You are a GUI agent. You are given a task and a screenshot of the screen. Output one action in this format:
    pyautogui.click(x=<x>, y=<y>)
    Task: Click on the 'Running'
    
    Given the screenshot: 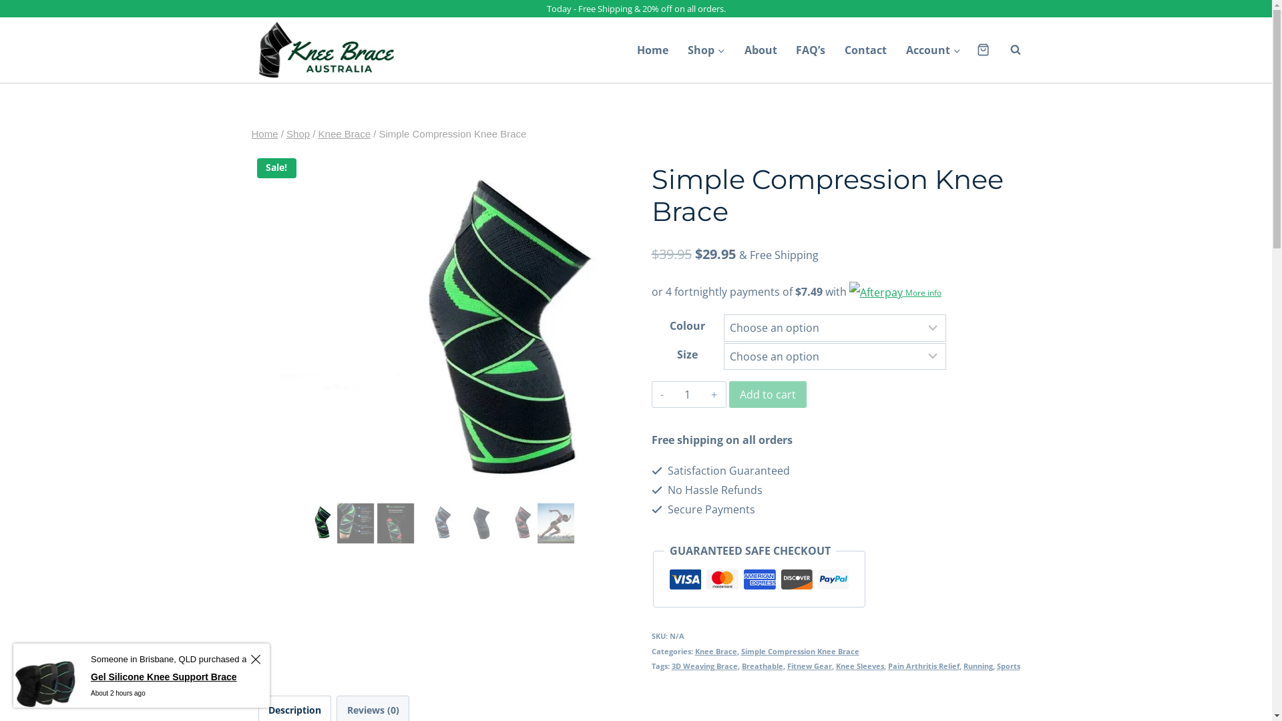 What is the action you would take?
    pyautogui.click(x=978, y=666)
    